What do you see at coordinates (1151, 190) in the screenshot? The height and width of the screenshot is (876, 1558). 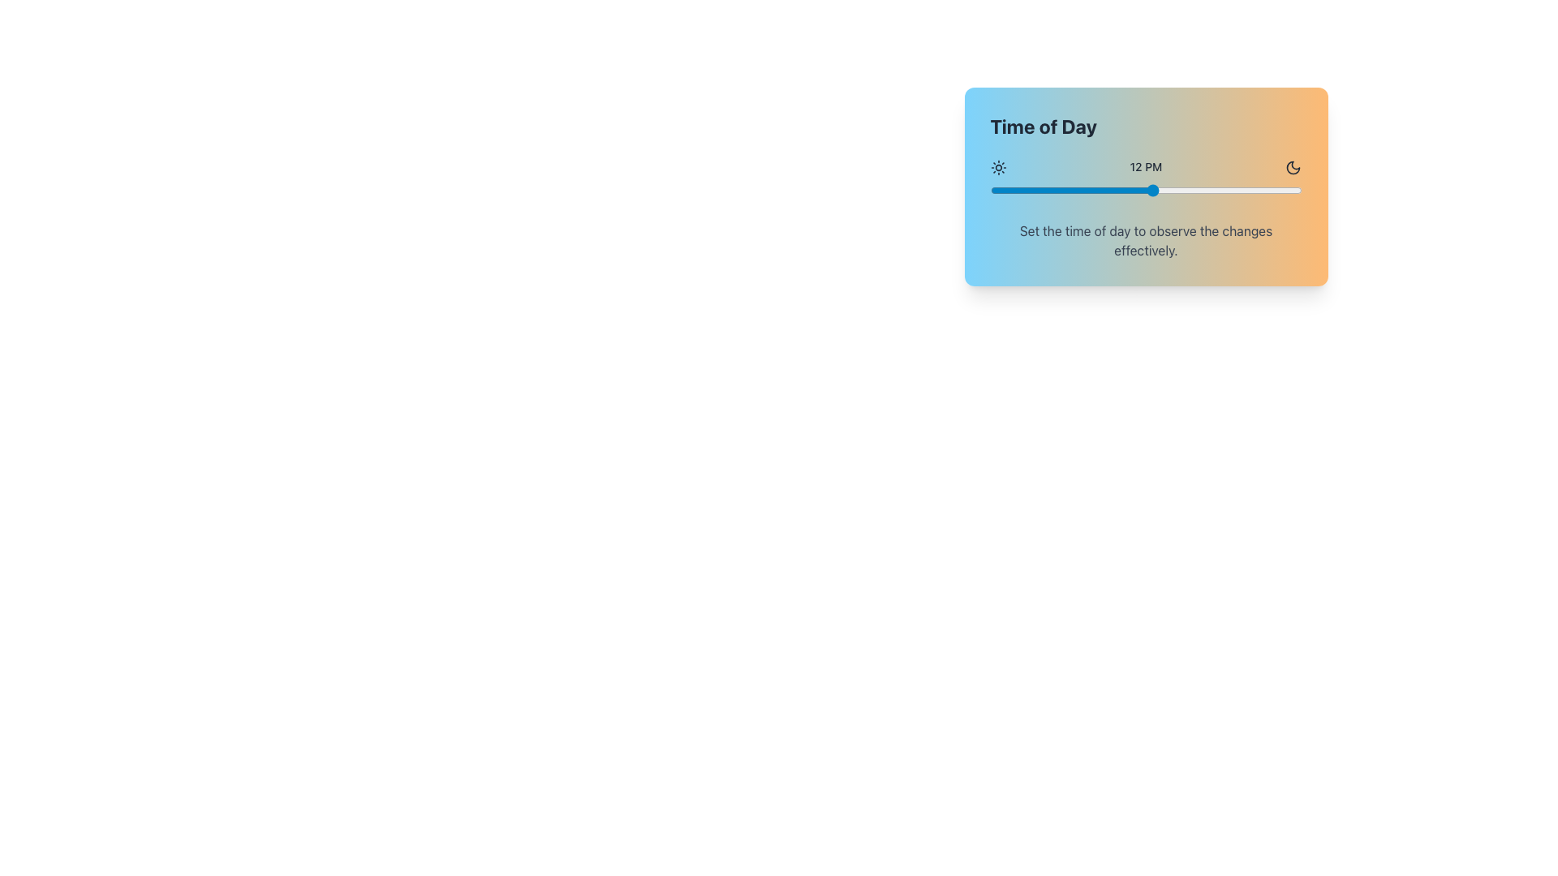 I see `the time of day` at bounding box center [1151, 190].